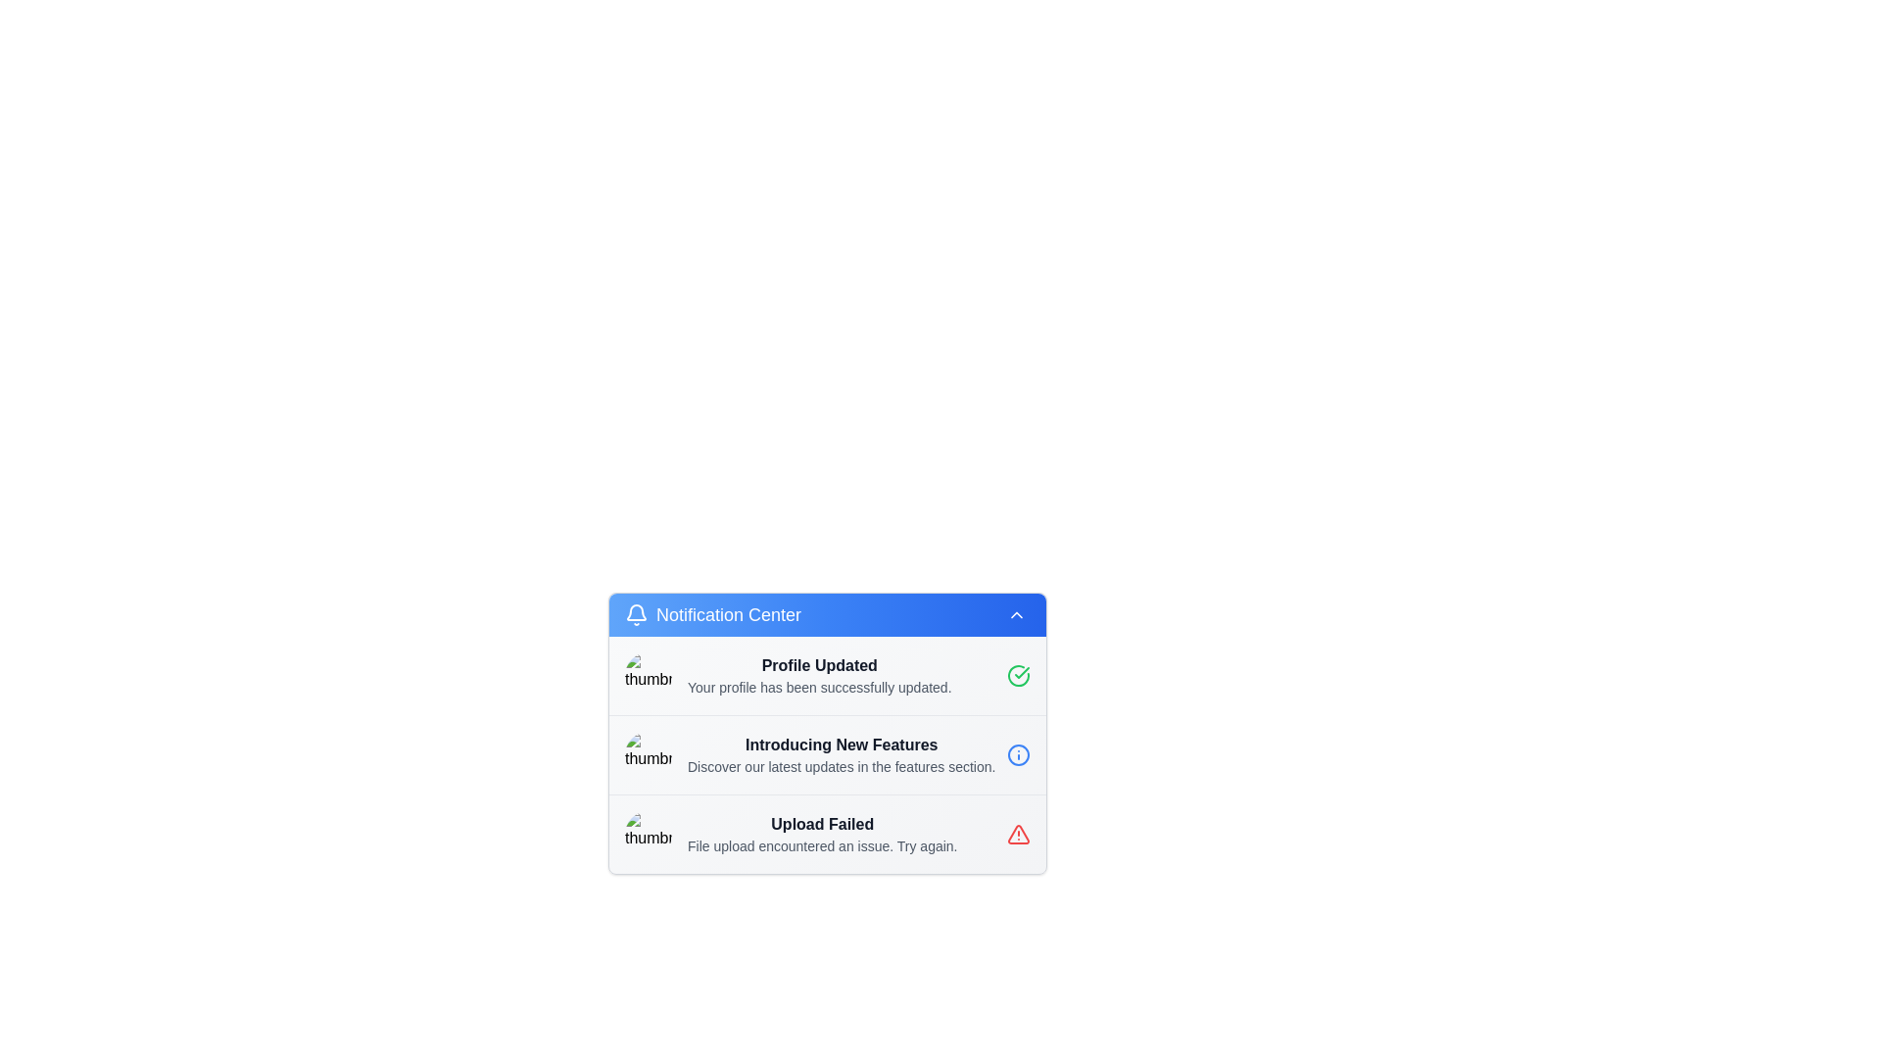 The image size is (1881, 1058). What do you see at coordinates (1019, 835) in the screenshot?
I see `the alert icon in the upper-right corner of the 'Upload Failed' notification, which visually indicates an issue or error` at bounding box center [1019, 835].